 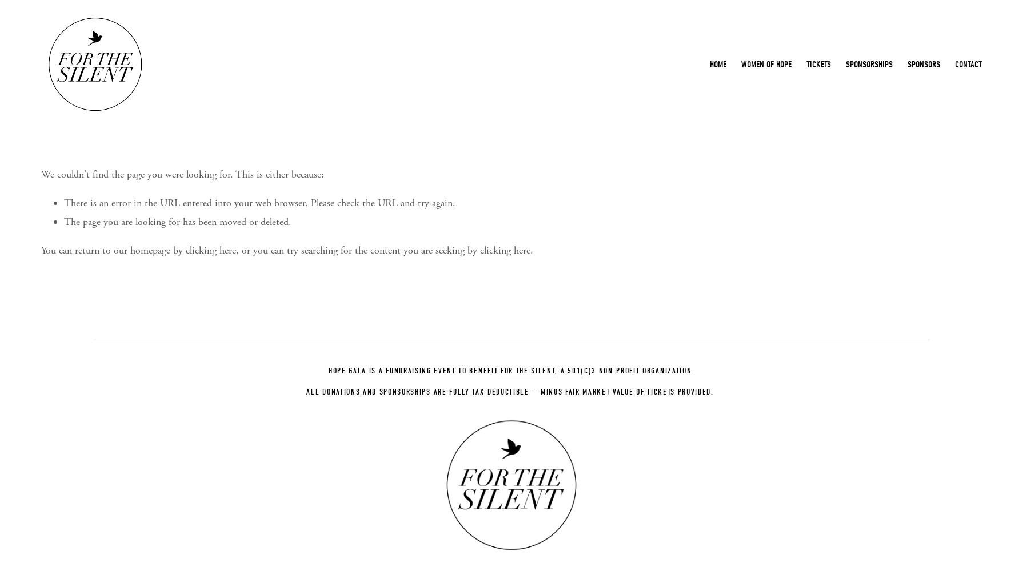 What do you see at coordinates (509, 391) in the screenshot?
I see `'All donations and sponsorships are fully tax-deductible — minus fair market value of tickets provided.'` at bounding box center [509, 391].